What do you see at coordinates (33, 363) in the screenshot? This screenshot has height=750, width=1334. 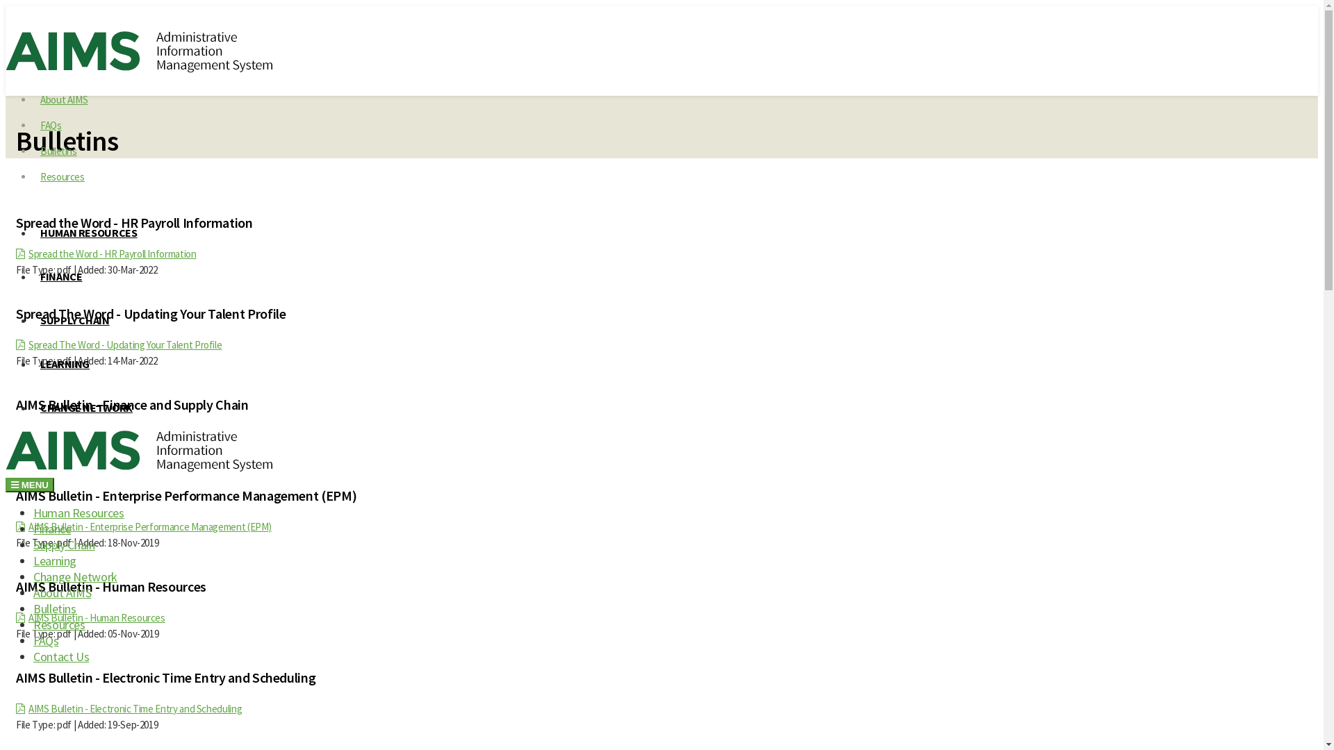 I see `'LEARNING'` at bounding box center [33, 363].